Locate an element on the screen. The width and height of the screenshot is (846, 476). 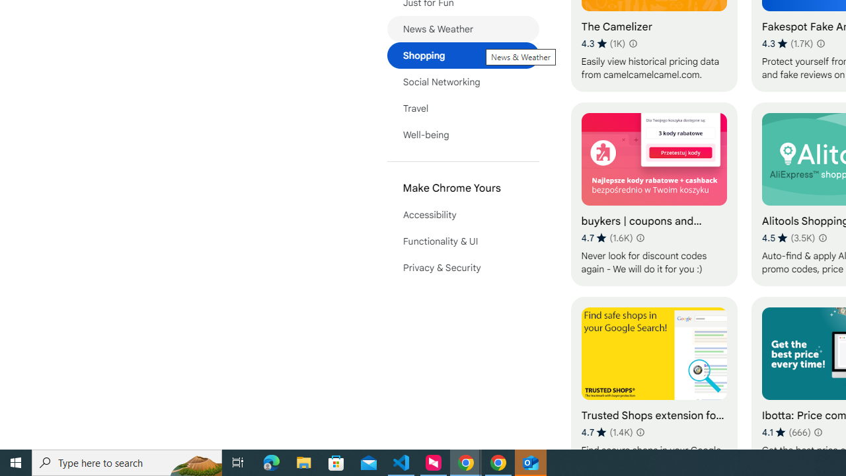
'Average rating 4.7 out of 5 stars. 1.6K ratings.' is located at coordinates (606, 238).